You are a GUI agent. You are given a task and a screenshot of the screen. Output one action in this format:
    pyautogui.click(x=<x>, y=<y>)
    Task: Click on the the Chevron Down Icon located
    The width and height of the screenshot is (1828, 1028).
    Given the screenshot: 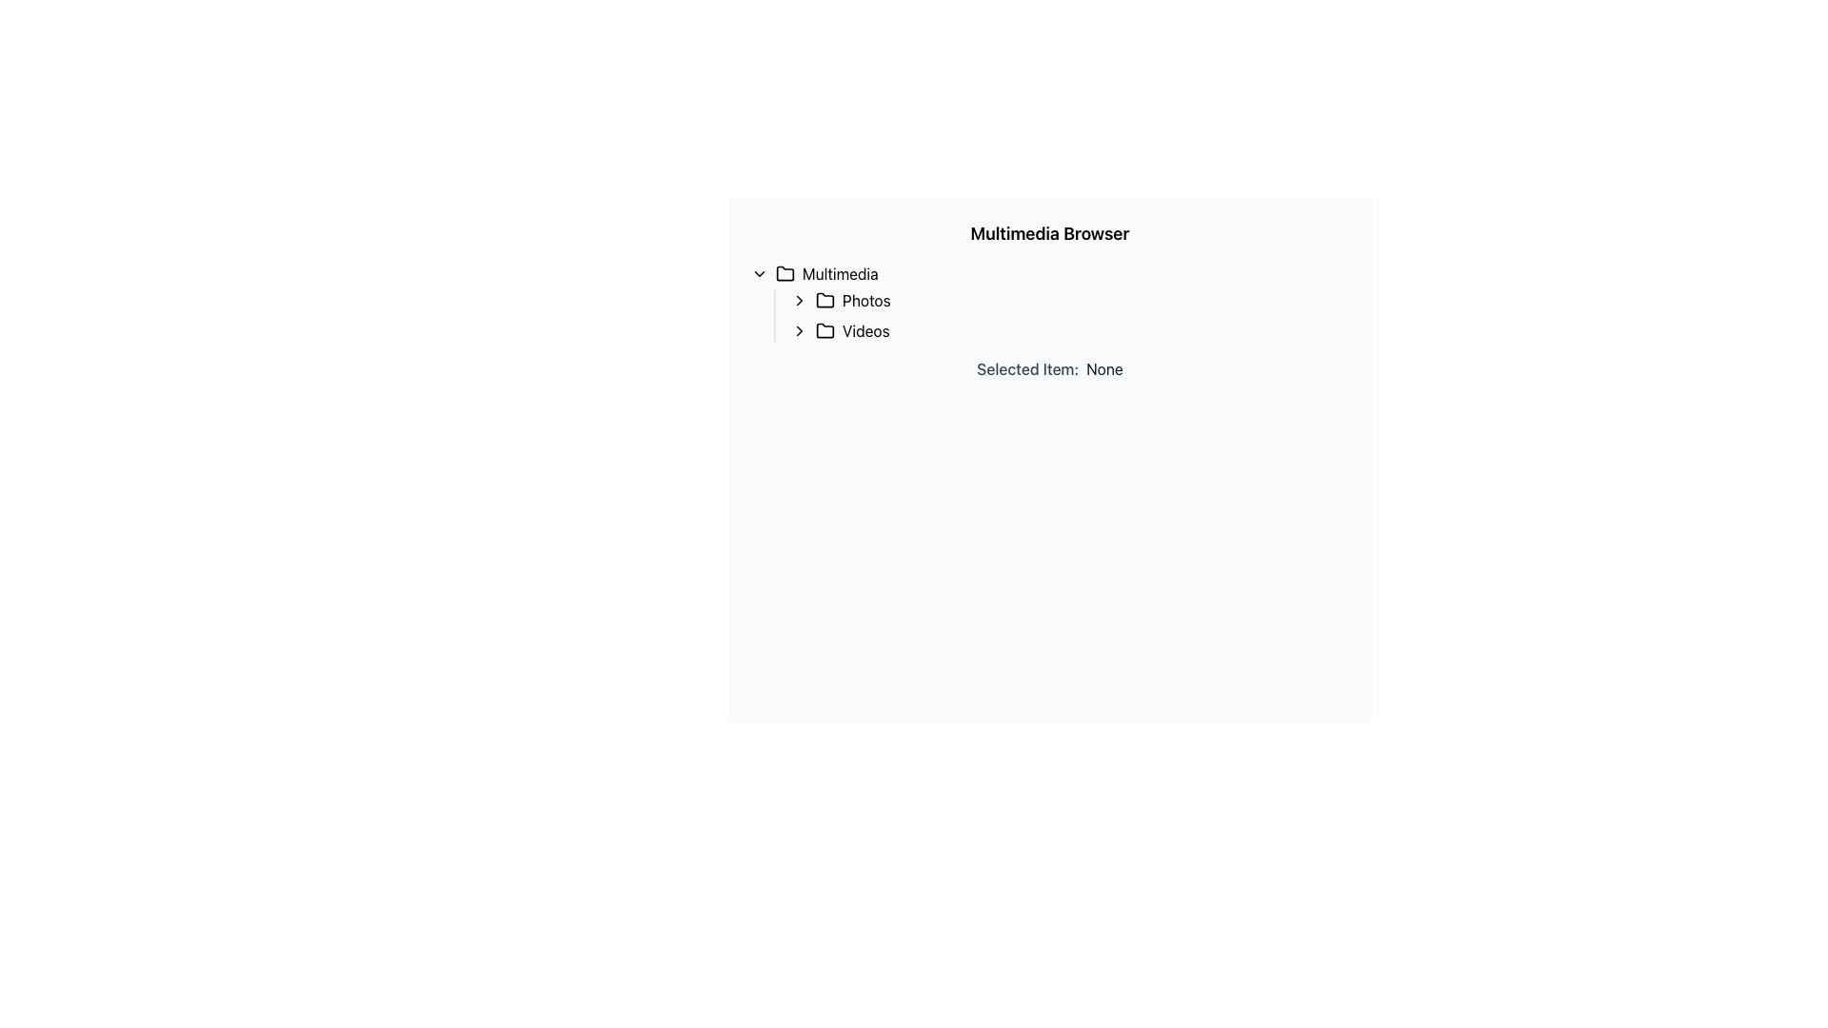 What is the action you would take?
    pyautogui.click(x=758, y=274)
    